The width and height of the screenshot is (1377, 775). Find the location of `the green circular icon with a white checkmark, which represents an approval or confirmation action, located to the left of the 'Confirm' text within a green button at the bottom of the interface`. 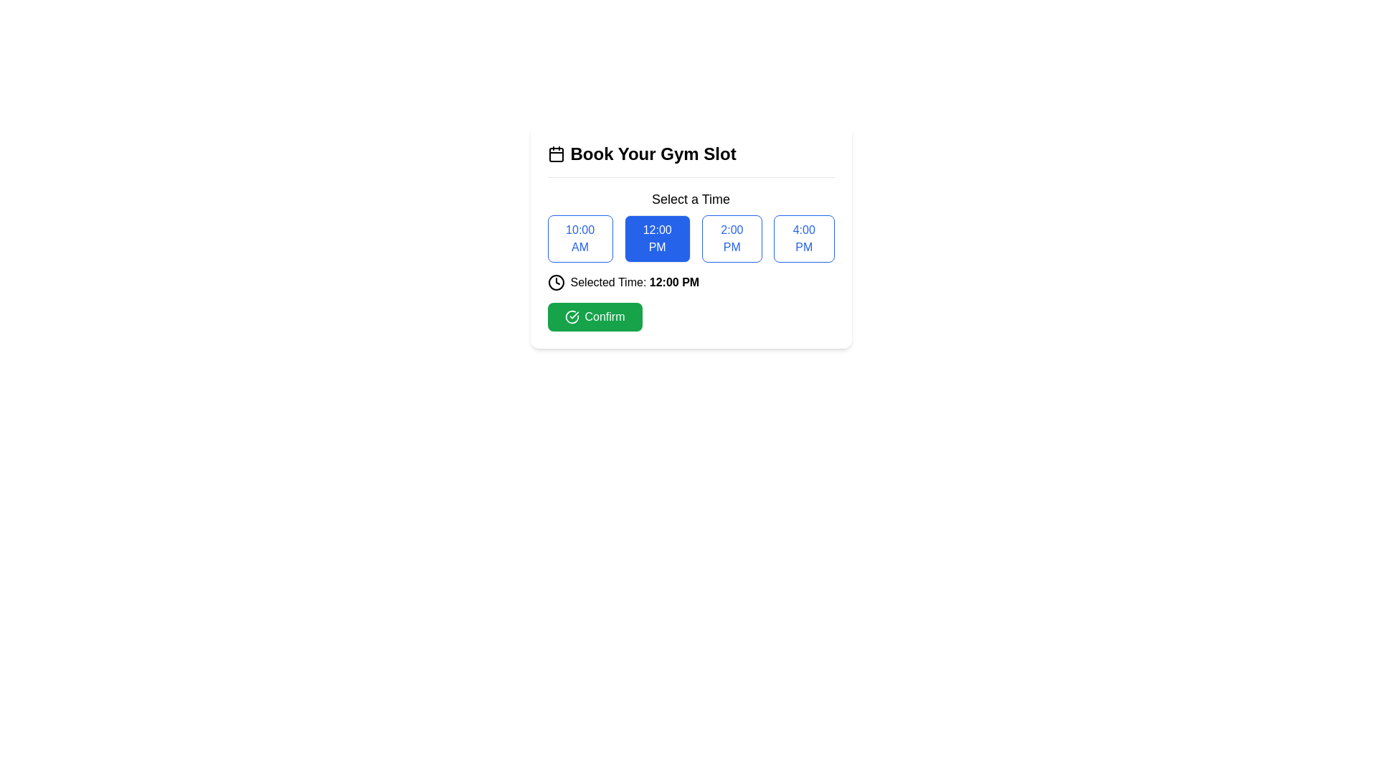

the green circular icon with a white checkmark, which represents an approval or confirmation action, located to the left of the 'Confirm' text within a green button at the bottom of the interface is located at coordinates (571, 316).